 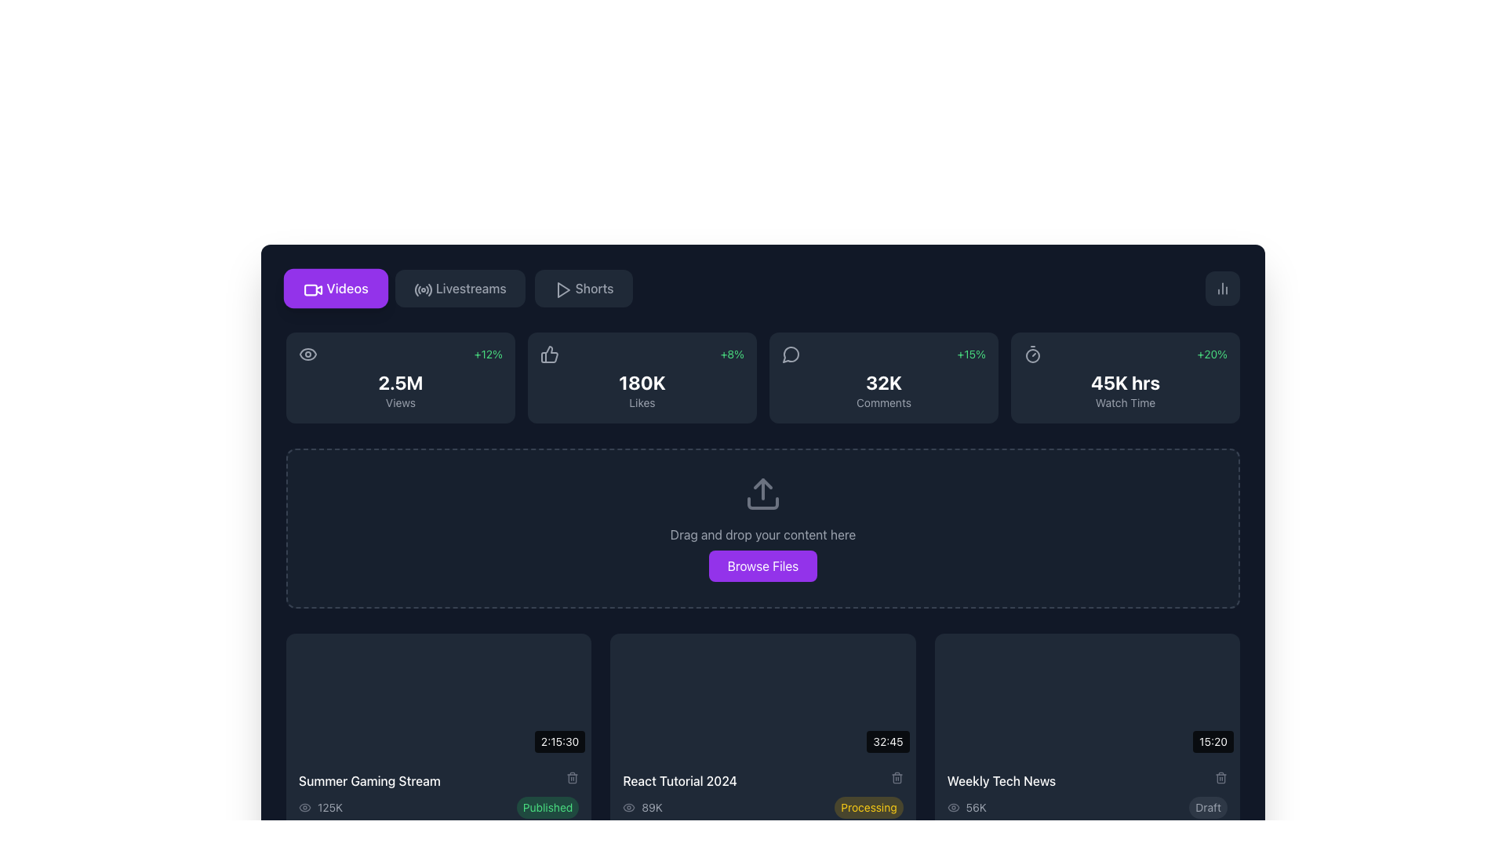 I want to click on the '+8%' text label located at the top right corner of the '180K Likes' card, which indicates a positive percentage change in likes, so click(x=731, y=354).